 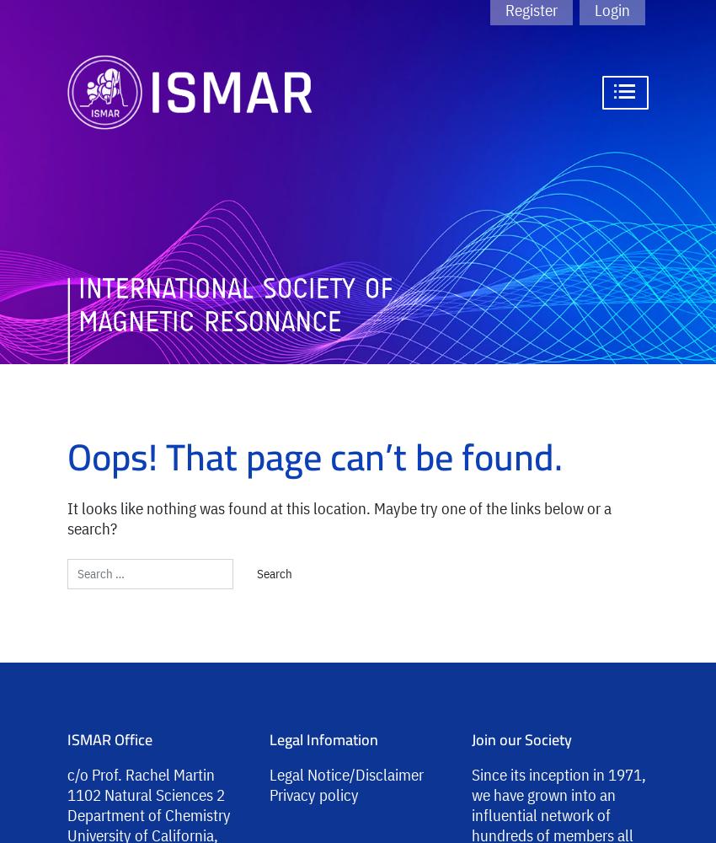 What do you see at coordinates (270, 793) in the screenshot?
I see `'Privacy policy'` at bounding box center [270, 793].